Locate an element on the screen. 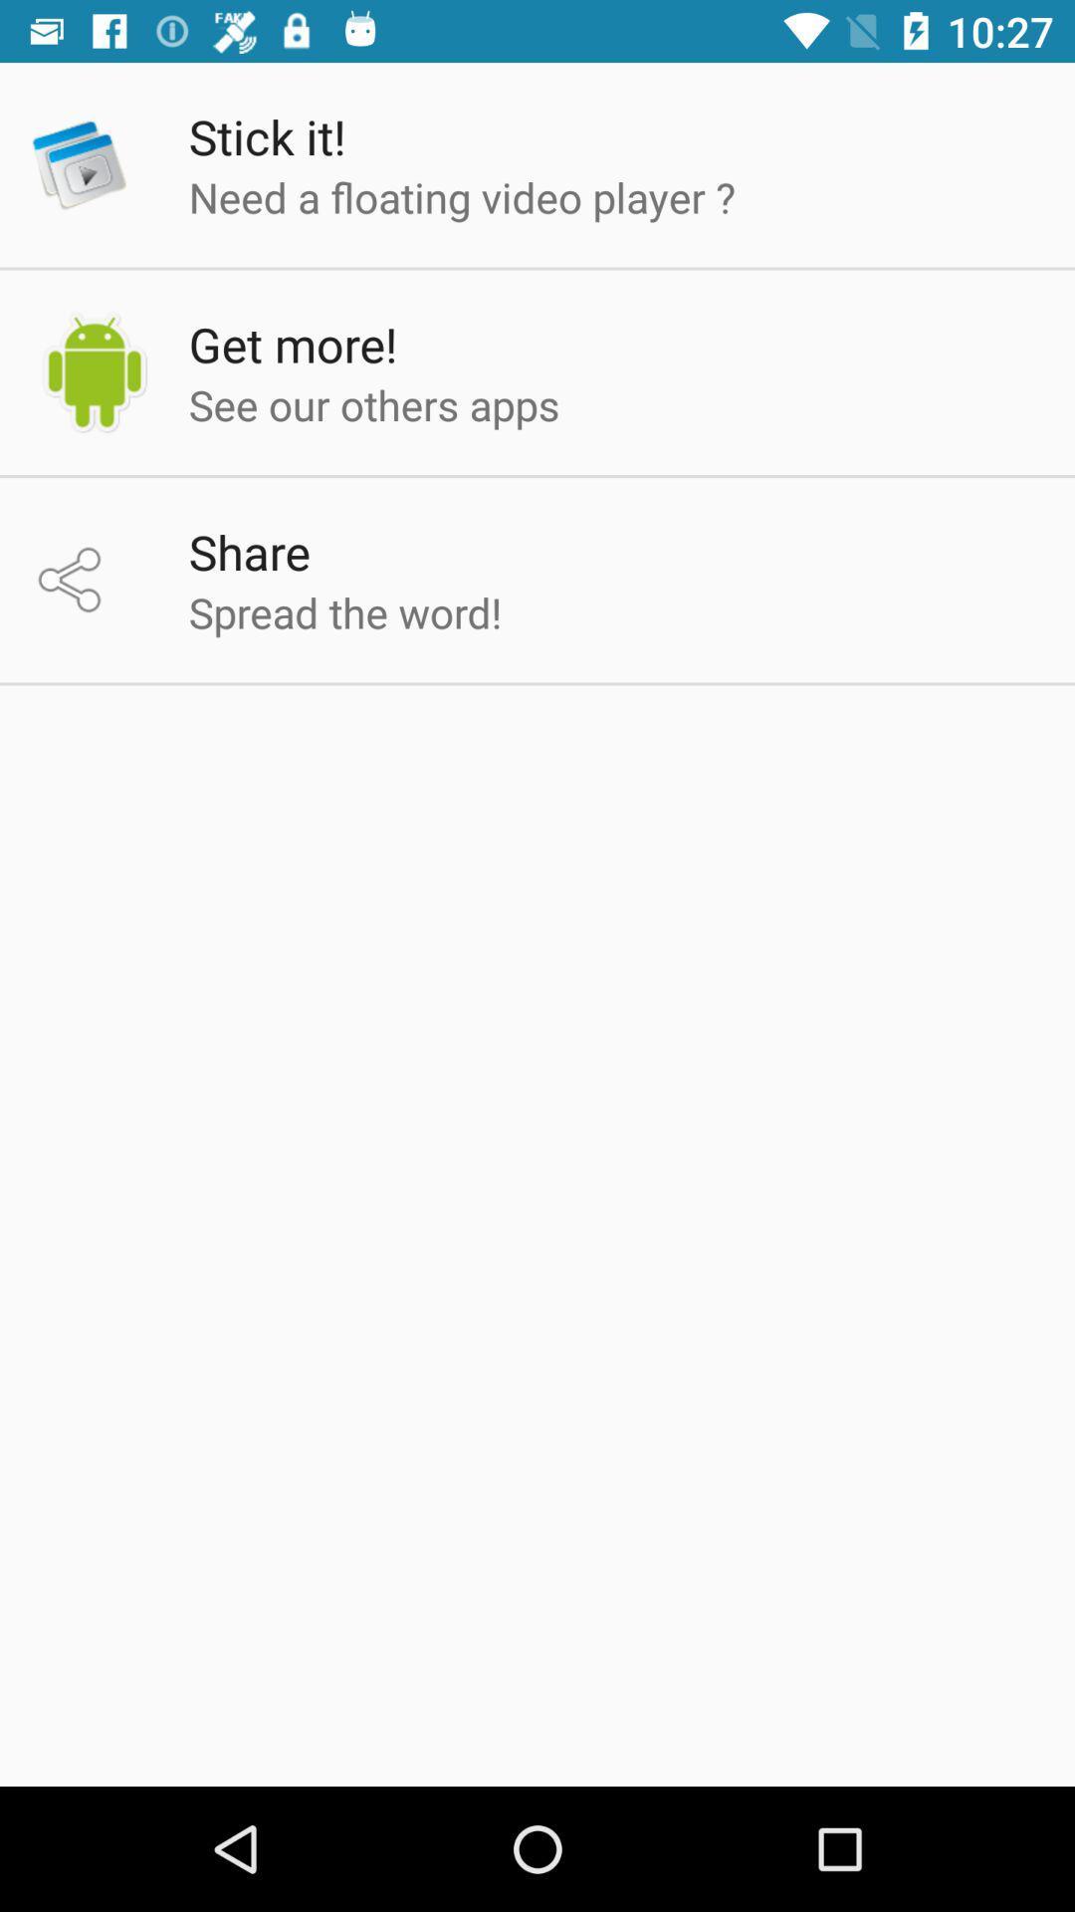 Image resolution: width=1075 pixels, height=1912 pixels. the icon below see our others icon is located at coordinates (248, 552).